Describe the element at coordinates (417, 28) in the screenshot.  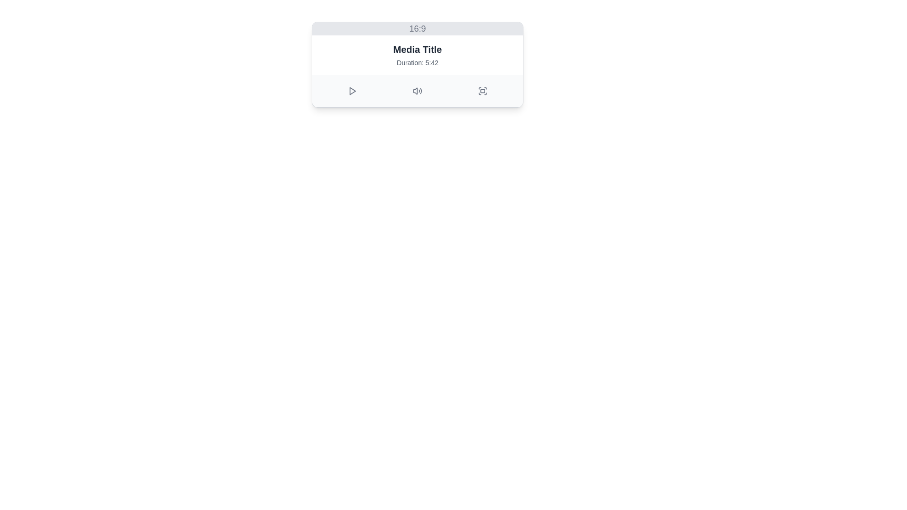
I see `the informational text label that indicates an aspect ratio of '16:9' located at the topmost section of the media card, above the 'Media Title' and 'Duration: 5:42'` at that location.